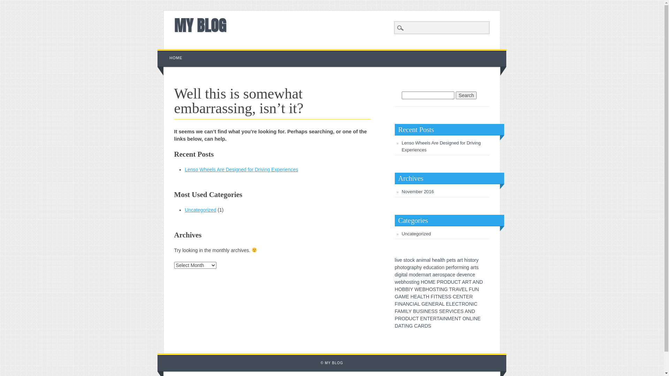  I want to click on 'C', so click(456, 282).